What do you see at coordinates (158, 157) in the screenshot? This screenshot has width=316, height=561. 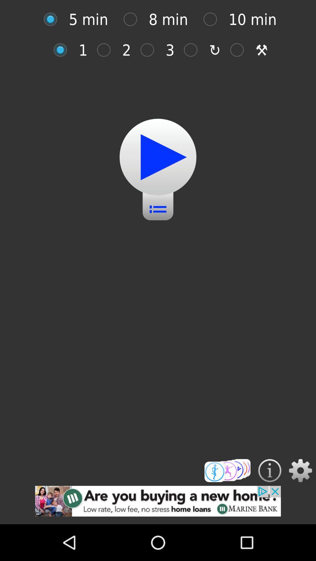 I see `pause` at bounding box center [158, 157].